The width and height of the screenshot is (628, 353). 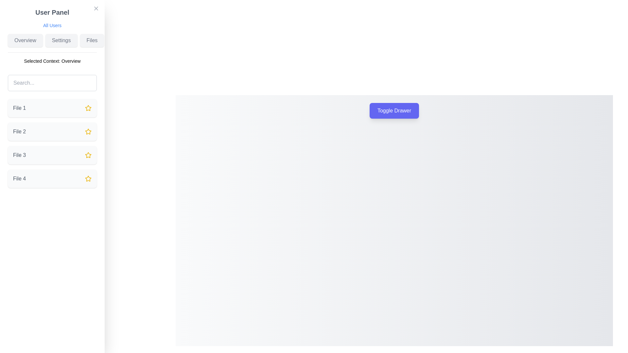 What do you see at coordinates (19, 155) in the screenshot?
I see `the text label that identifies the third file in the list within the side panel` at bounding box center [19, 155].